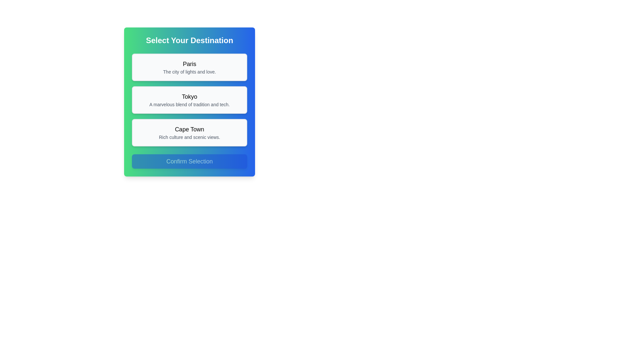  I want to click on the options in the vertically-oriented selection dialog titled 'Select Your Destination', which features three selectable city options, so click(189, 102).